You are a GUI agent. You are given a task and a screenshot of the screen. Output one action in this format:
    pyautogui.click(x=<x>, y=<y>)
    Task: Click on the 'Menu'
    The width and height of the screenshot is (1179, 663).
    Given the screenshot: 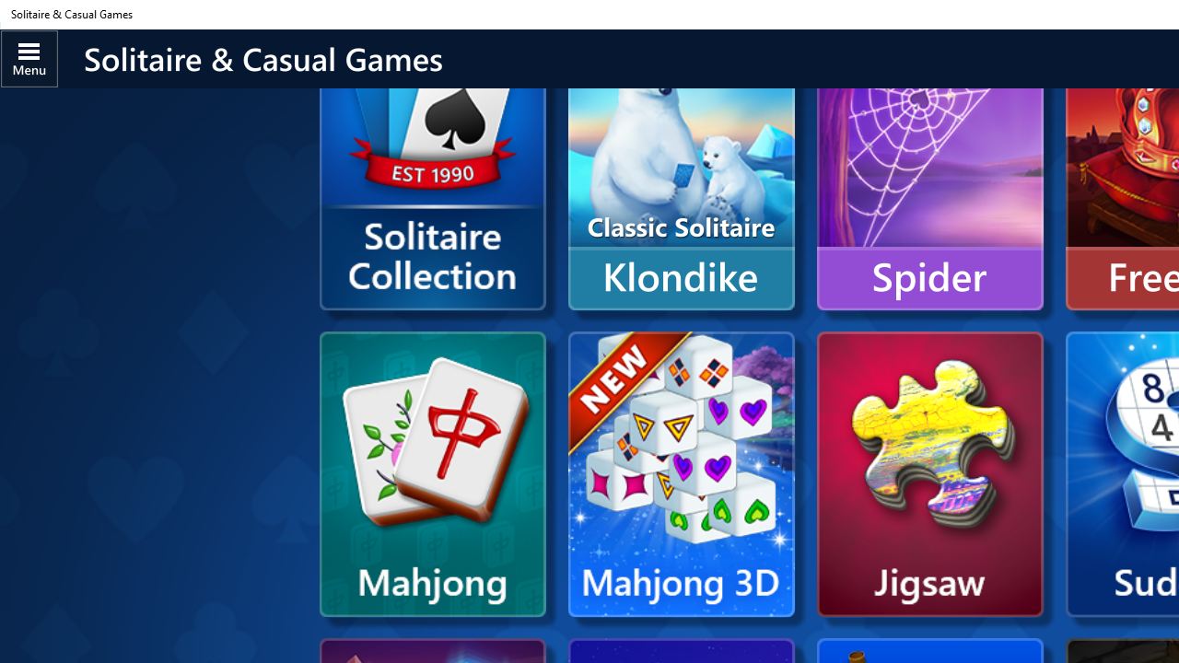 What is the action you would take?
    pyautogui.click(x=29, y=57)
    